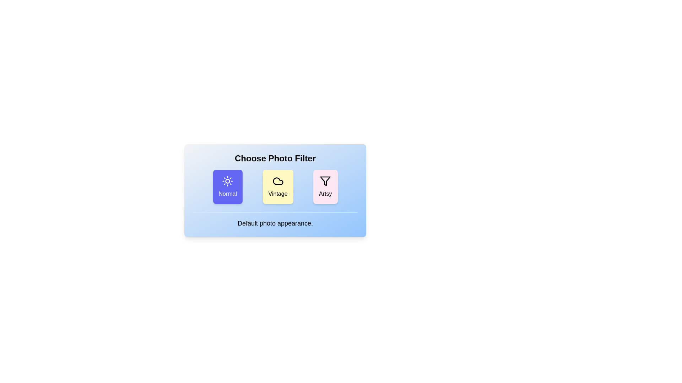  What do you see at coordinates (325, 187) in the screenshot?
I see `the filter button labeled Artsy` at bounding box center [325, 187].